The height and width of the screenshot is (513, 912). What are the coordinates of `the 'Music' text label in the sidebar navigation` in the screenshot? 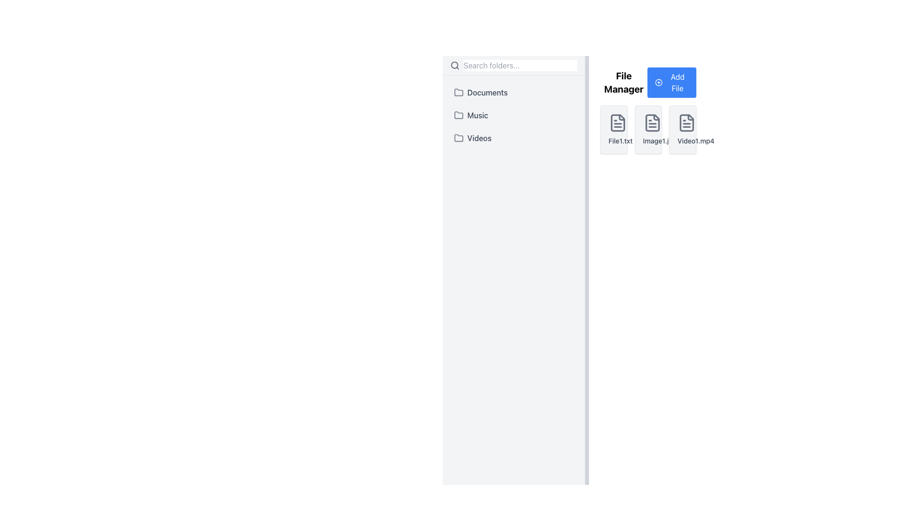 It's located at (478, 115).